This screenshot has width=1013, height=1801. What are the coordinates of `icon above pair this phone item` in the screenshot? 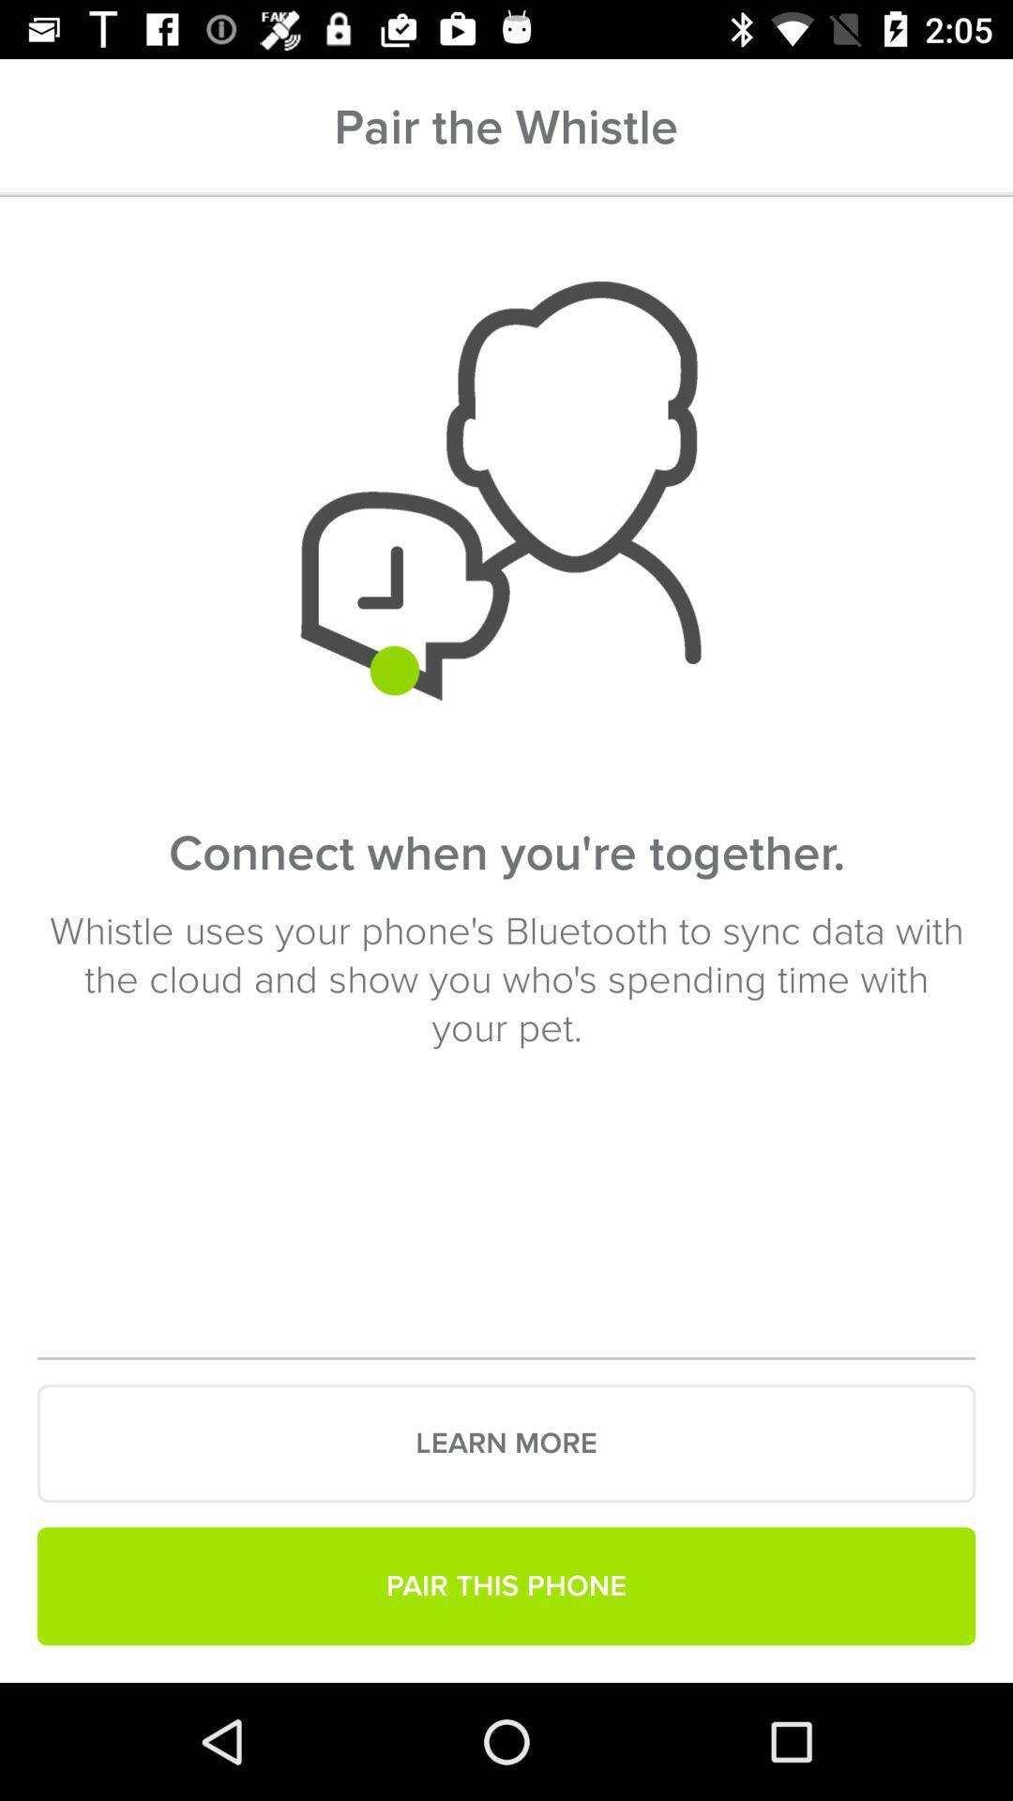 It's located at (506, 1443).